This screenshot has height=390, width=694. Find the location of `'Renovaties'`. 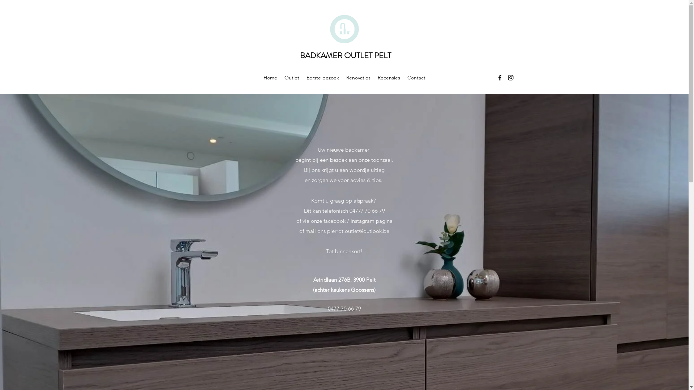

'Renovaties' is located at coordinates (358, 78).